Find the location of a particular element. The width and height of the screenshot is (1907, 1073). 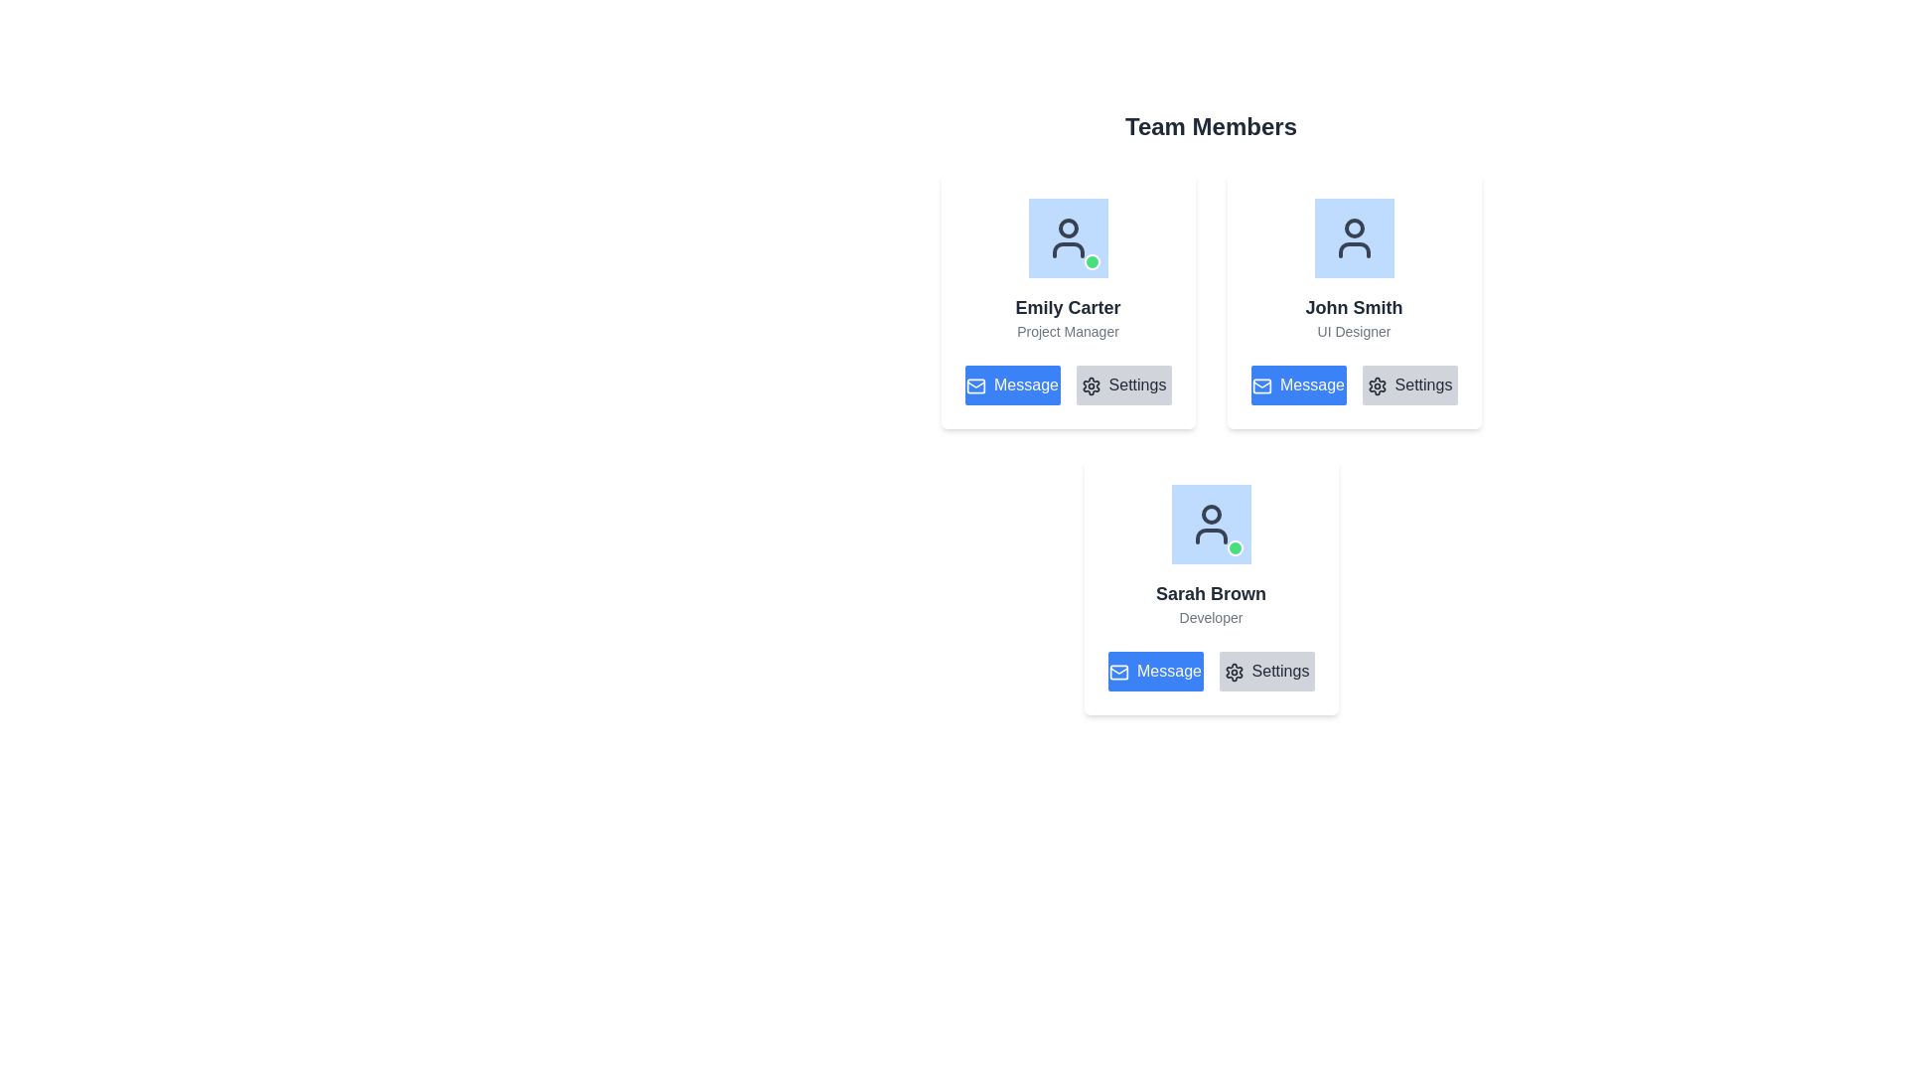

the blue 'Message' button with white text and an envelope icon, located below the 'Sarah Brown, Developer' card in the 'Team Members' section is located at coordinates (1155, 671).